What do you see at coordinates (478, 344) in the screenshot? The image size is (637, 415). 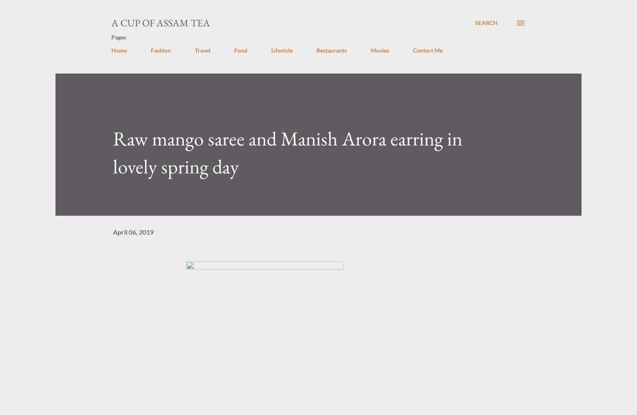 I see `'manisharora'` at bounding box center [478, 344].